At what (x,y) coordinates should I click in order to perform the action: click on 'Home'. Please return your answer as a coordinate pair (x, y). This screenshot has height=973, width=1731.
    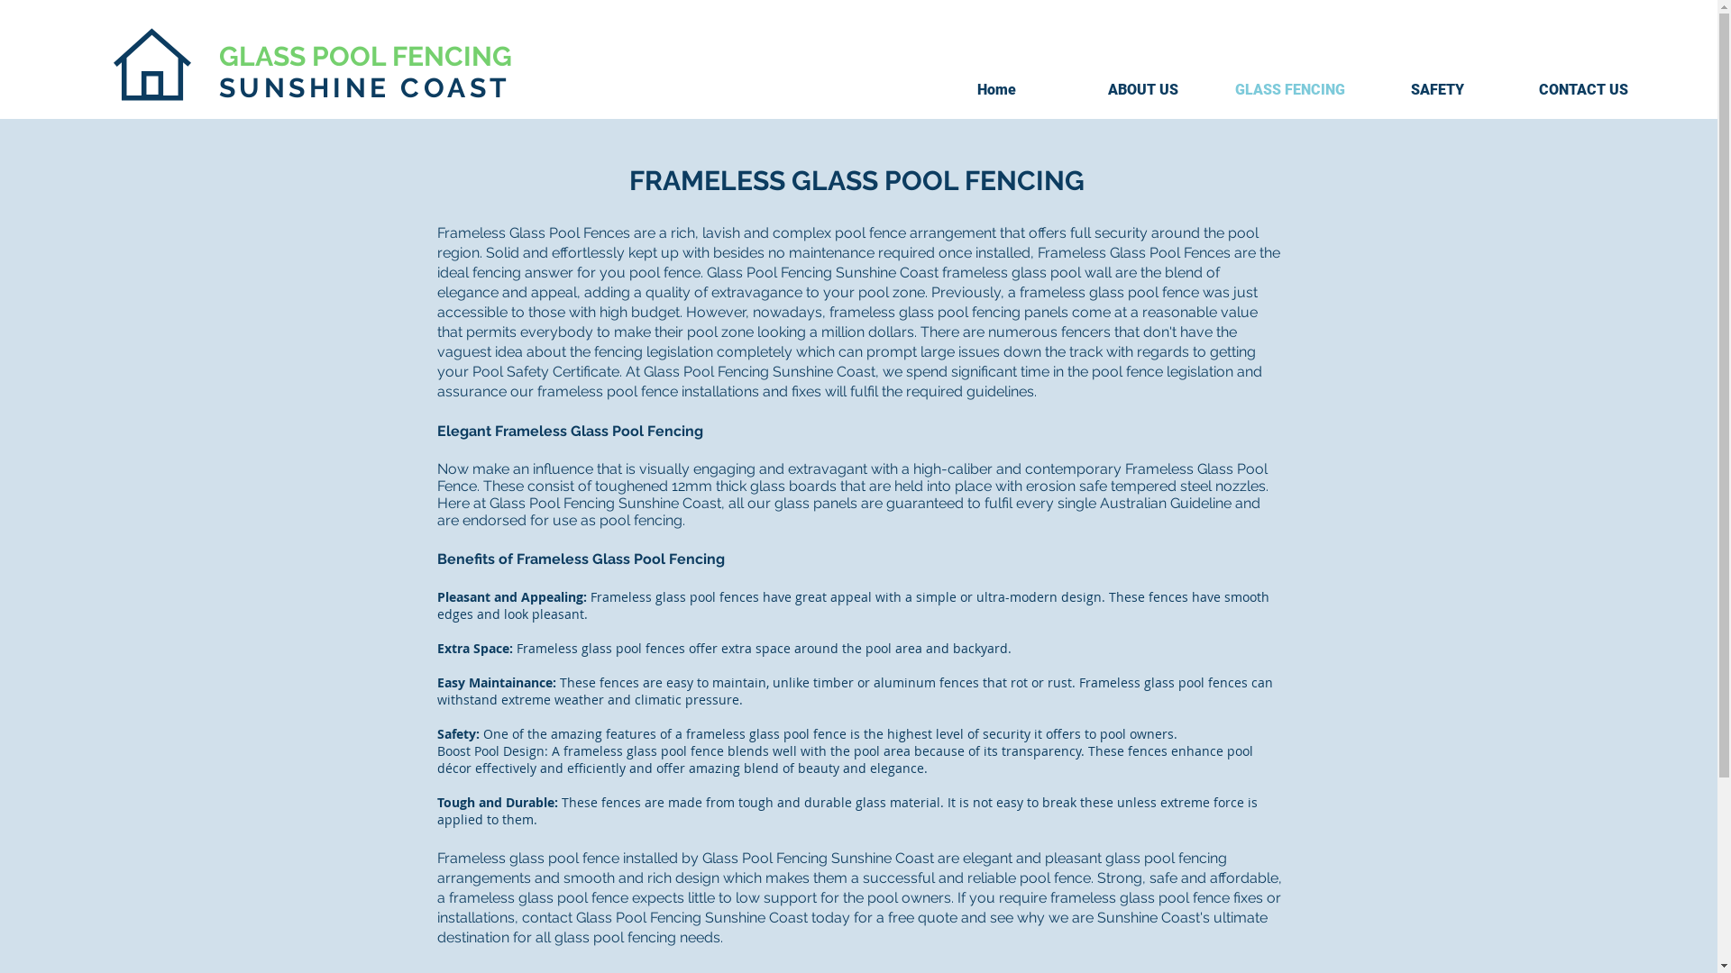
    Looking at the image, I should click on (995, 90).